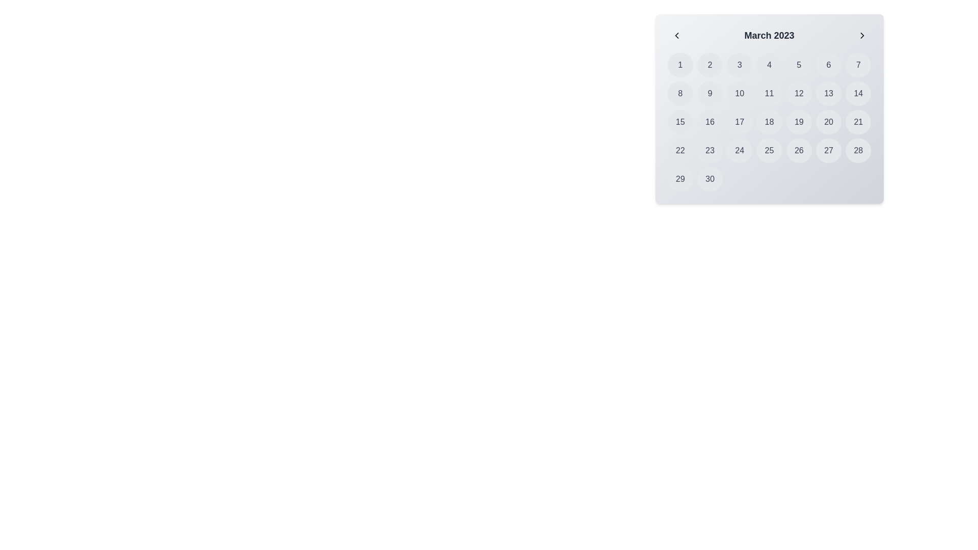 Image resolution: width=978 pixels, height=550 pixels. Describe the element at coordinates (740, 94) in the screenshot. I see `the circular button labeled '10' with a gray background` at that location.